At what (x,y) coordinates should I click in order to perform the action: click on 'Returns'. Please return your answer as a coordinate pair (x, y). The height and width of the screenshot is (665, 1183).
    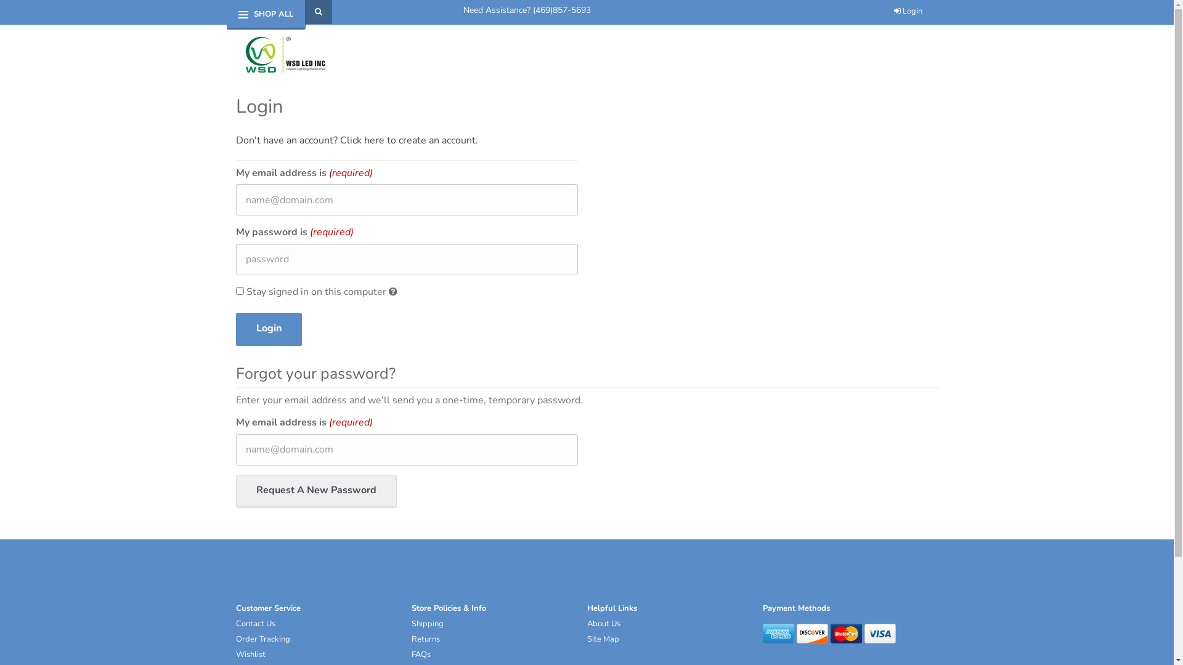
    Looking at the image, I should click on (426, 638).